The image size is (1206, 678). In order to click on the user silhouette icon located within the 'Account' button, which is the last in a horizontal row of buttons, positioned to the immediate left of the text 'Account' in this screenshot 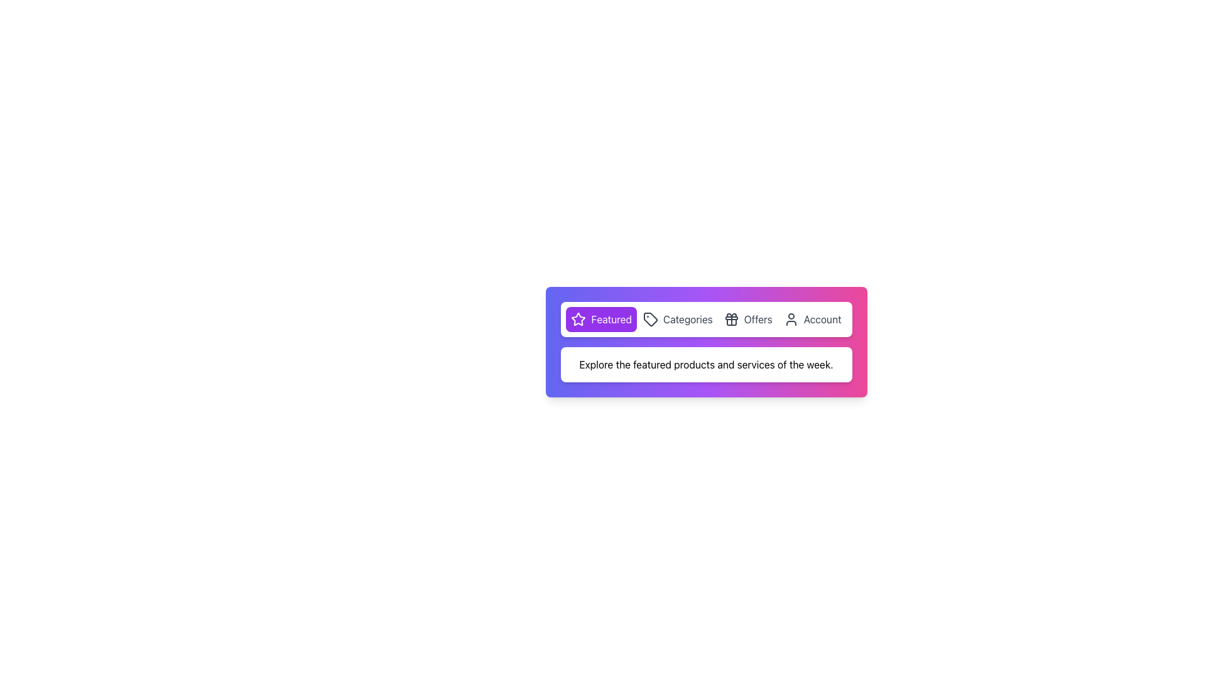, I will do `click(790, 319)`.